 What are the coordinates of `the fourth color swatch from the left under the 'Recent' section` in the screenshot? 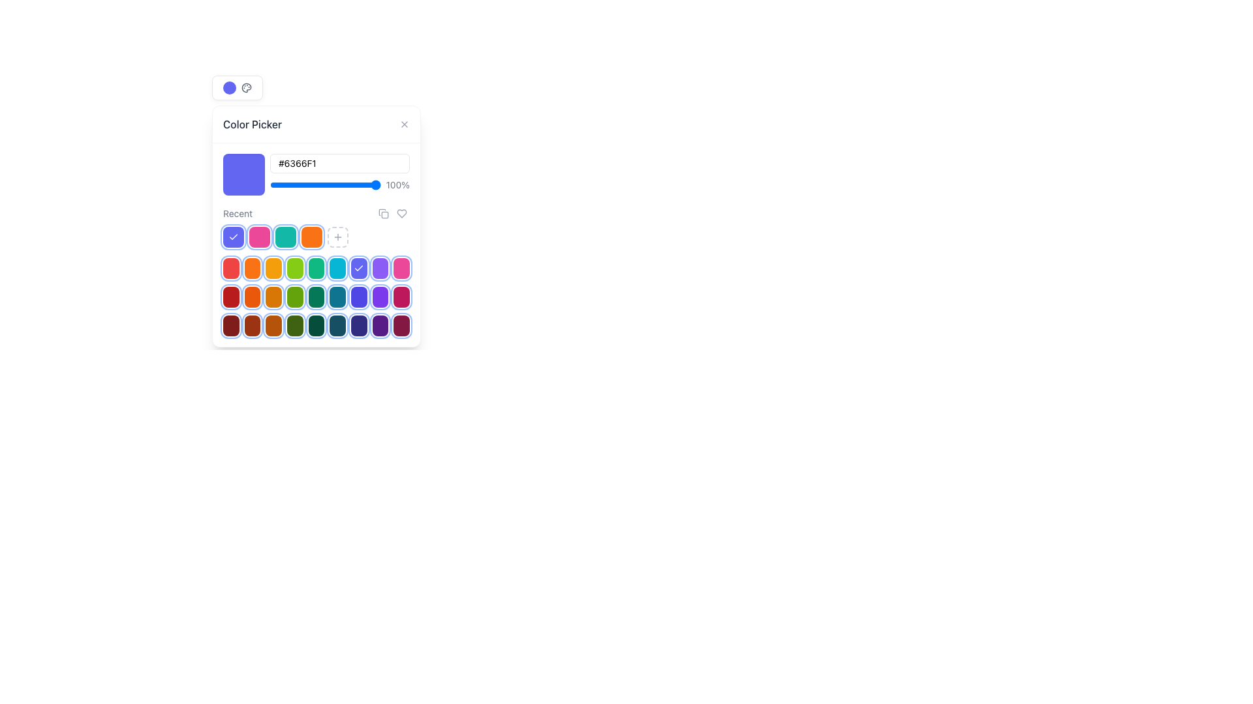 It's located at (316, 226).